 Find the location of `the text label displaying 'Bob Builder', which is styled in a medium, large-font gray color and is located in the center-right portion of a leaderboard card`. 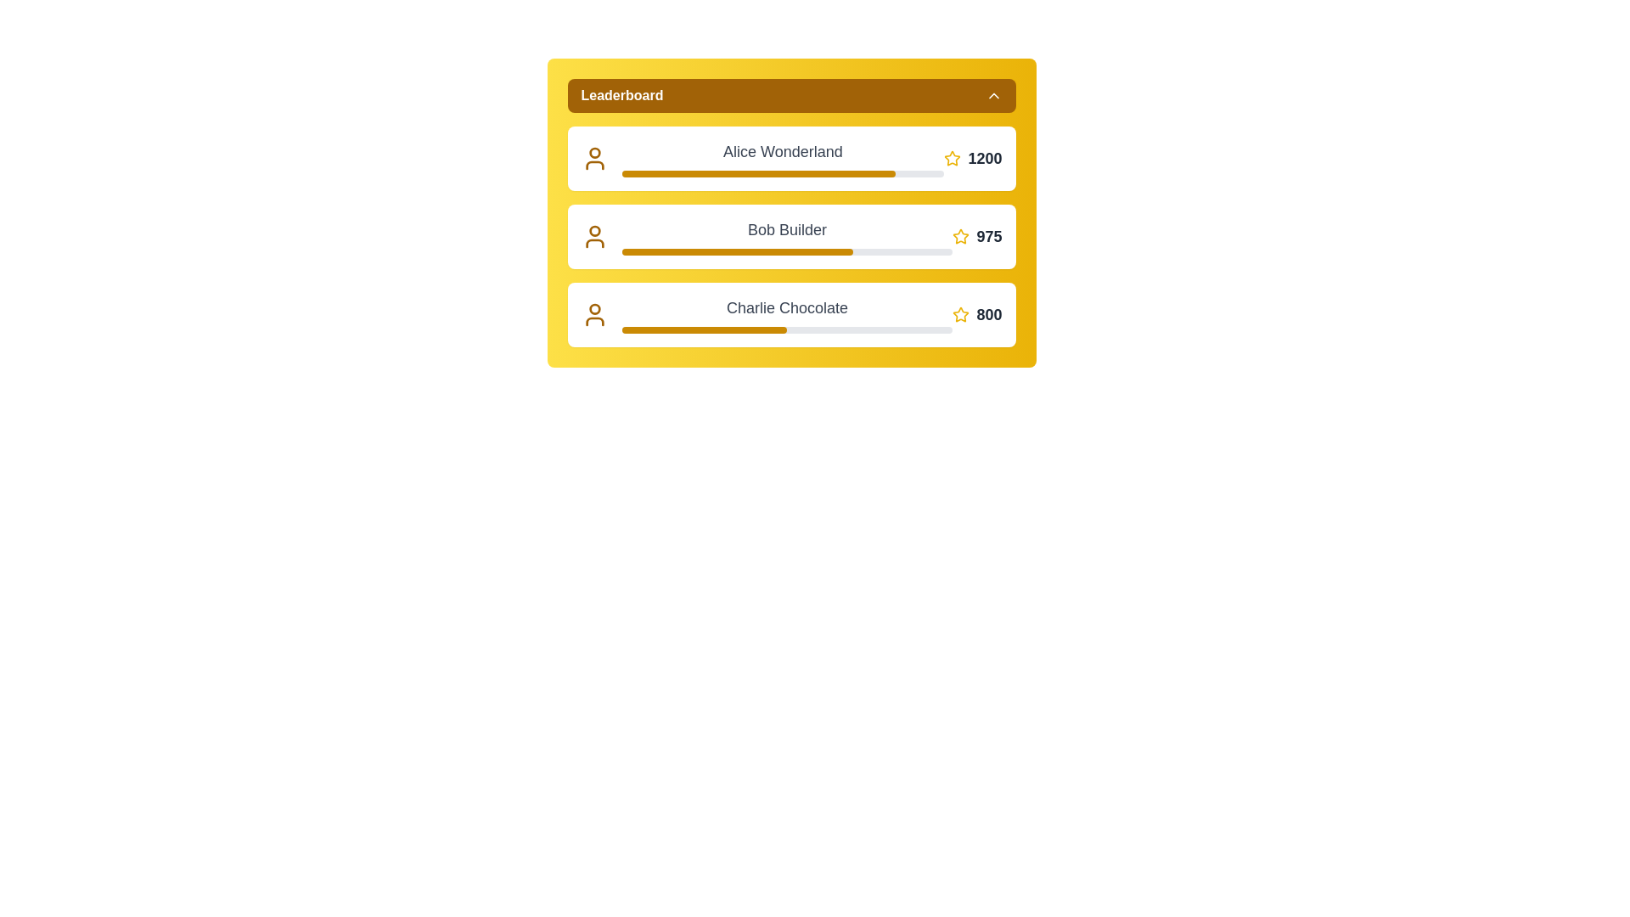

the text label displaying 'Bob Builder', which is styled in a medium, large-font gray color and is located in the center-right portion of a leaderboard card is located at coordinates (786, 236).